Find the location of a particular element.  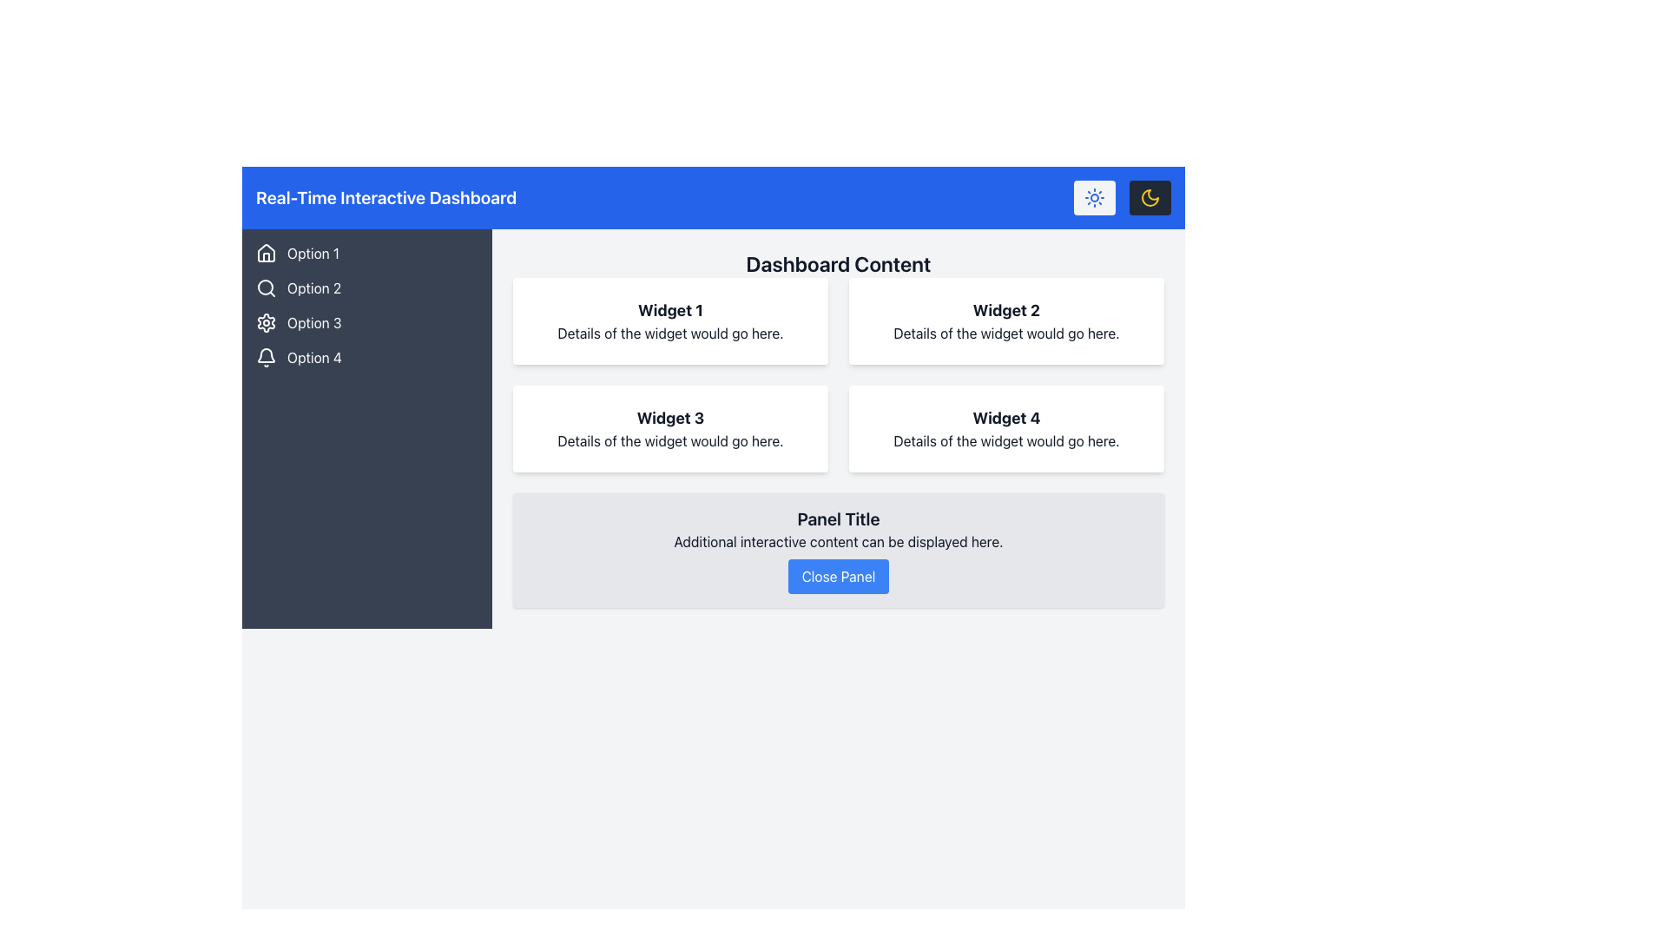

bold, large-sized text label that reads 'Widget 1', located in the top-left widget of a 2x2 grid layout in the 'Dashboard Content' section is located at coordinates (669, 310).